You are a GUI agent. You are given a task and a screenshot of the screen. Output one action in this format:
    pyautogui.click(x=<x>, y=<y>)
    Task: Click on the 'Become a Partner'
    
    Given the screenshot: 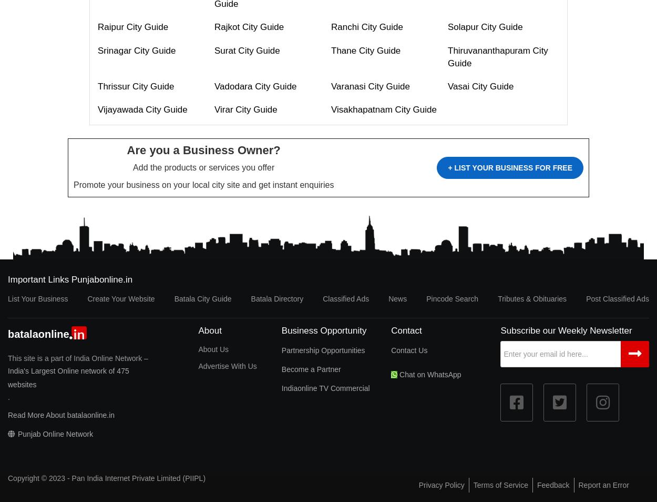 What is the action you would take?
    pyautogui.click(x=310, y=368)
    